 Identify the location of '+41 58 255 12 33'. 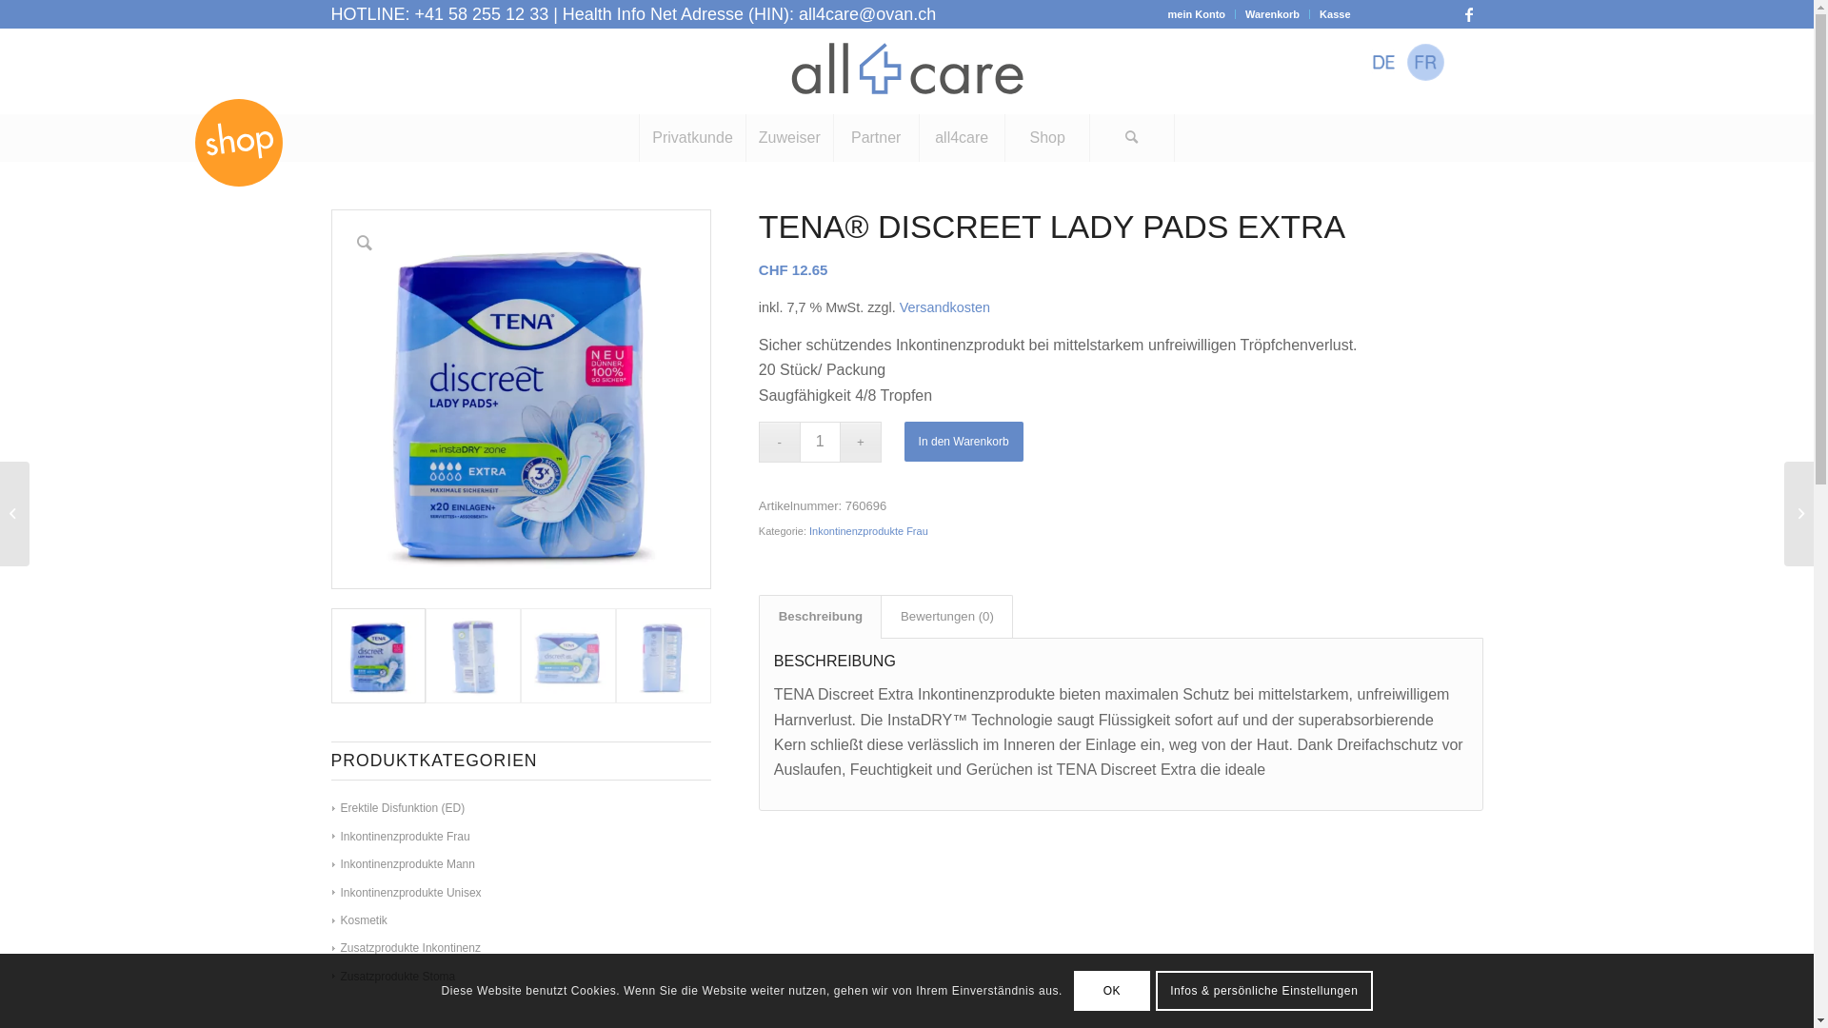
(482, 14).